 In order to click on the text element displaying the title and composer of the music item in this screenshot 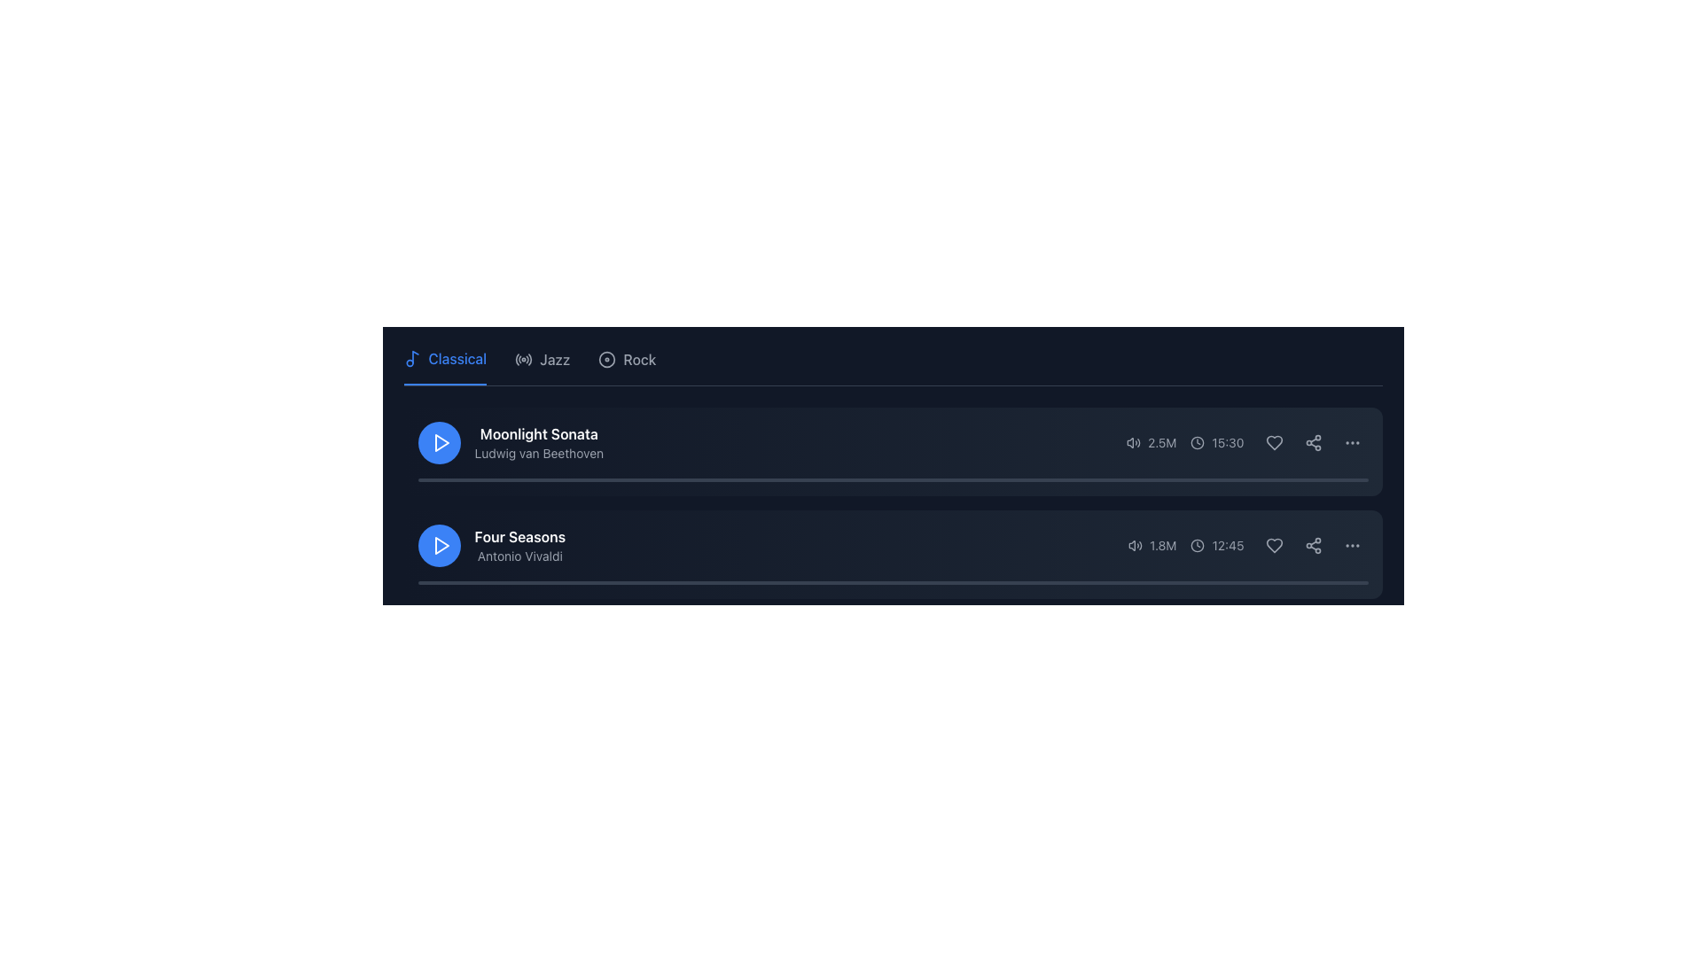, I will do `click(510, 442)`.